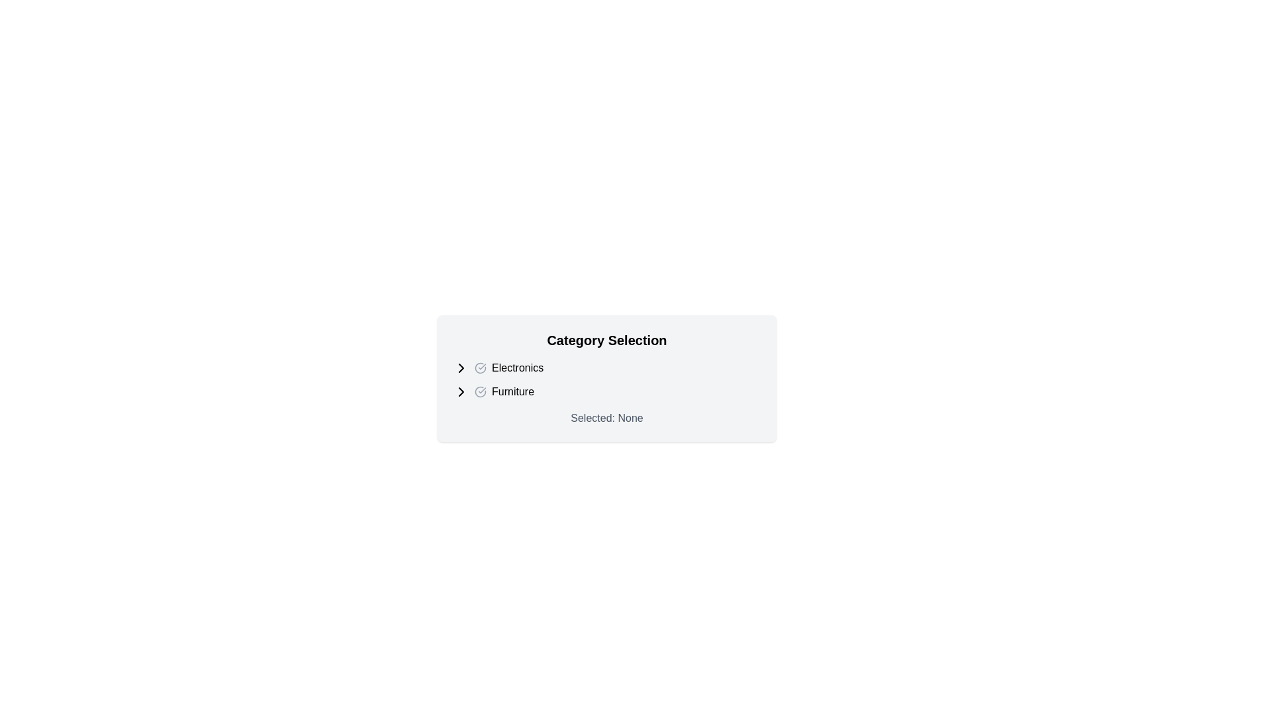 This screenshot has height=714, width=1271. What do you see at coordinates (461, 368) in the screenshot?
I see `the Chevron icon button used for expanding or collapsing the 'Electronics' submenu for keyboard navigation` at bounding box center [461, 368].